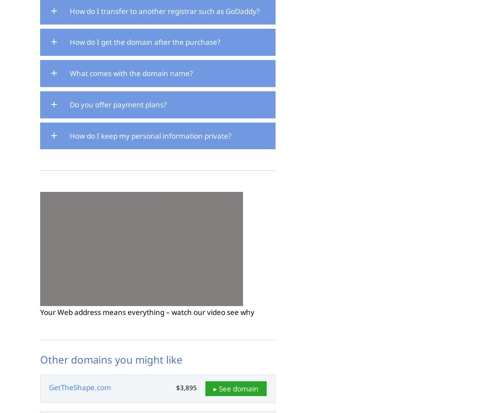 This screenshot has width=486, height=413. I want to click on 'Your Web address means everything – watch our video see why', so click(147, 312).